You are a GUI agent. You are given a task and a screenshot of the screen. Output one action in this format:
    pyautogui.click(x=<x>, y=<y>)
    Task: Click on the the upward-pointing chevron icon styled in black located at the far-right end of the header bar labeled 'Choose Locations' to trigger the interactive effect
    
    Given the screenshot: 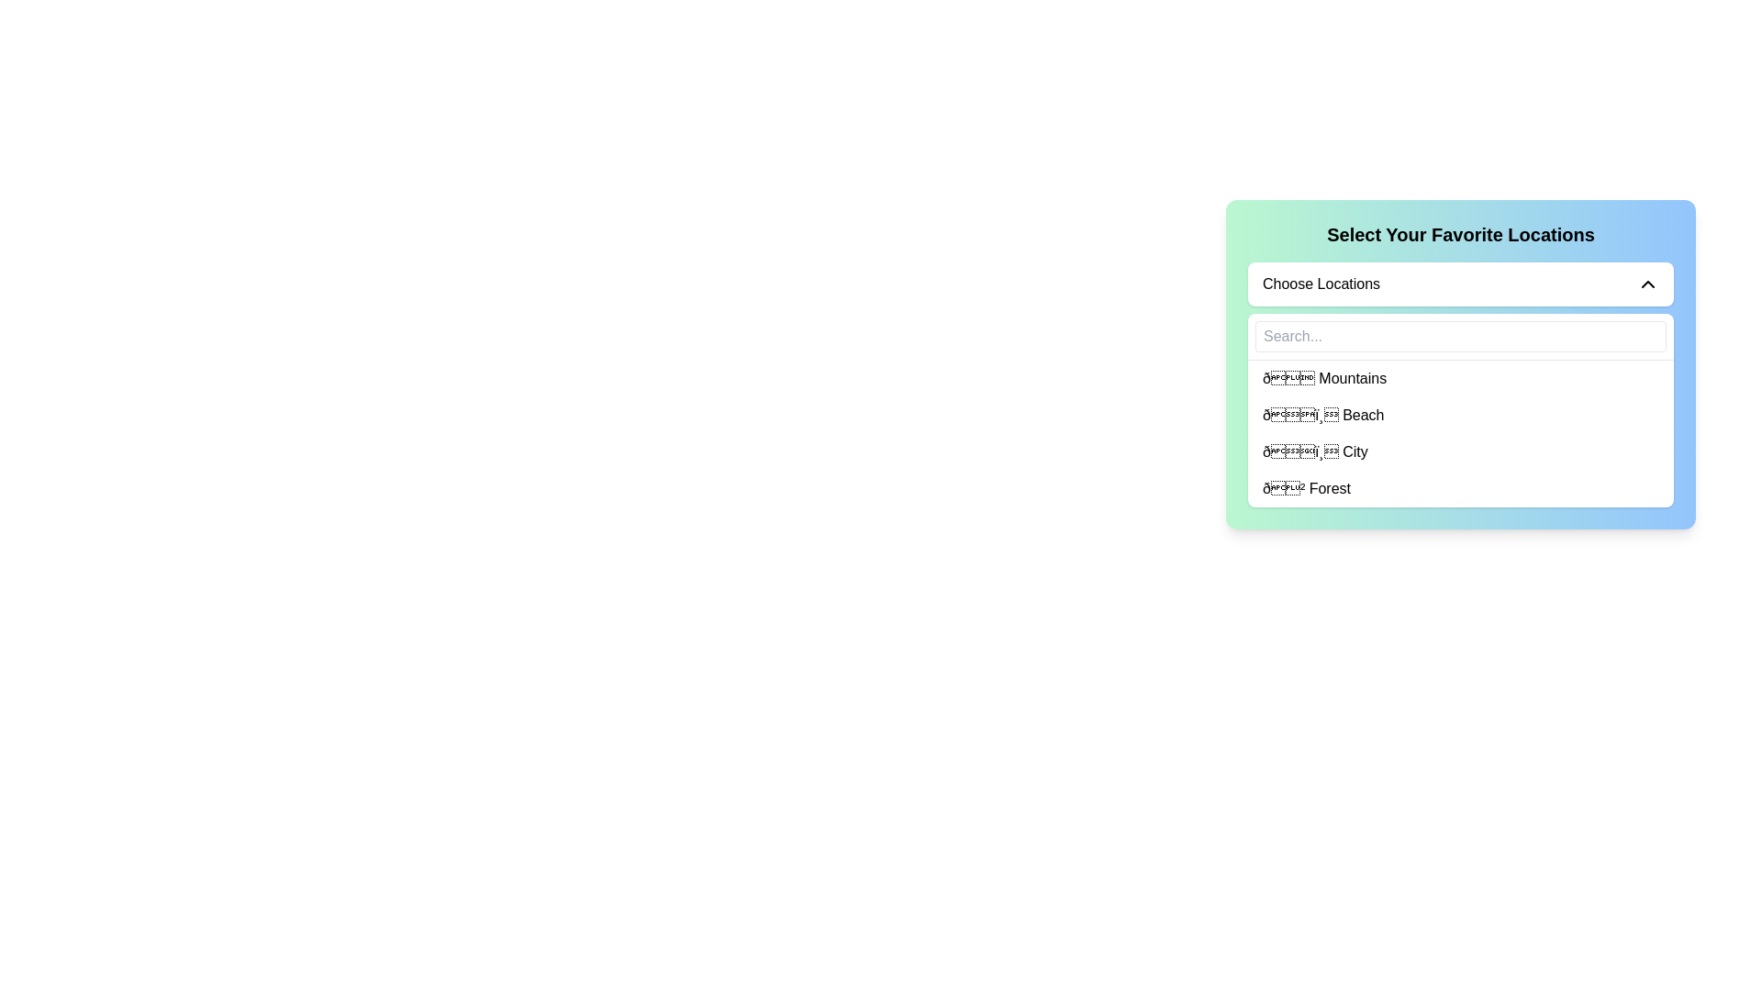 What is the action you would take?
    pyautogui.click(x=1647, y=284)
    